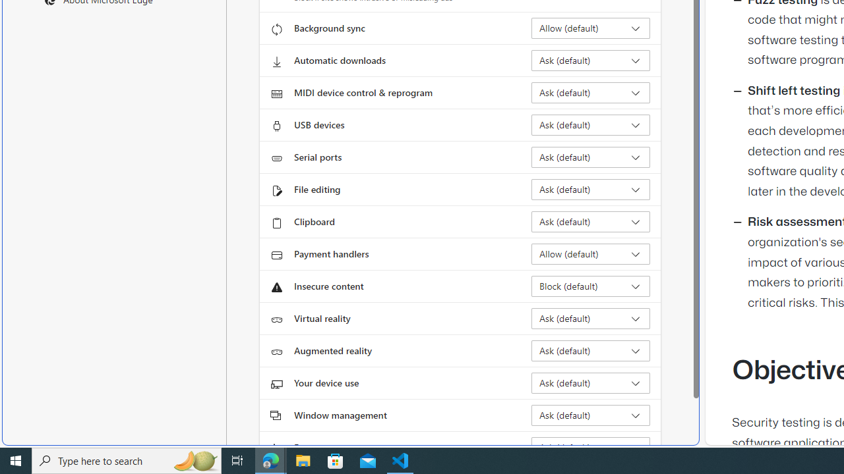 The height and width of the screenshot is (474, 844). Describe the element at coordinates (590, 92) in the screenshot. I see `'MIDI device control & reprogram Ask (default)'` at that location.